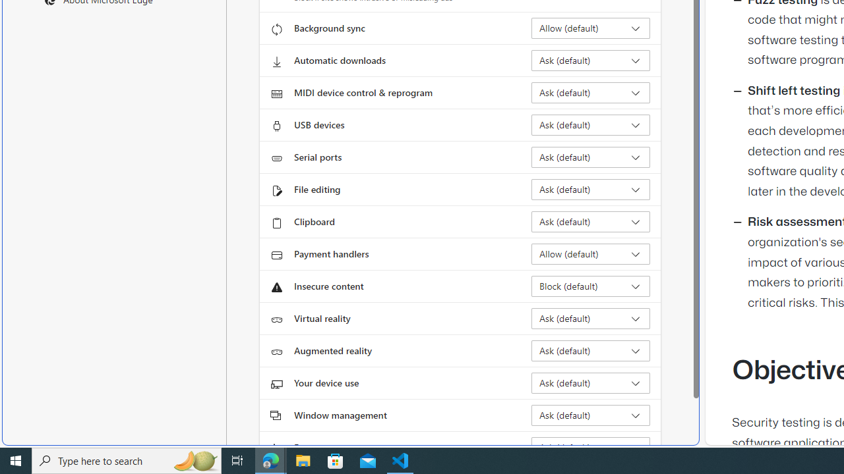 The height and width of the screenshot is (474, 844). Describe the element at coordinates (590, 92) in the screenshot. I see `'MIDI device control & reprogram Ask (default)'` at that location.